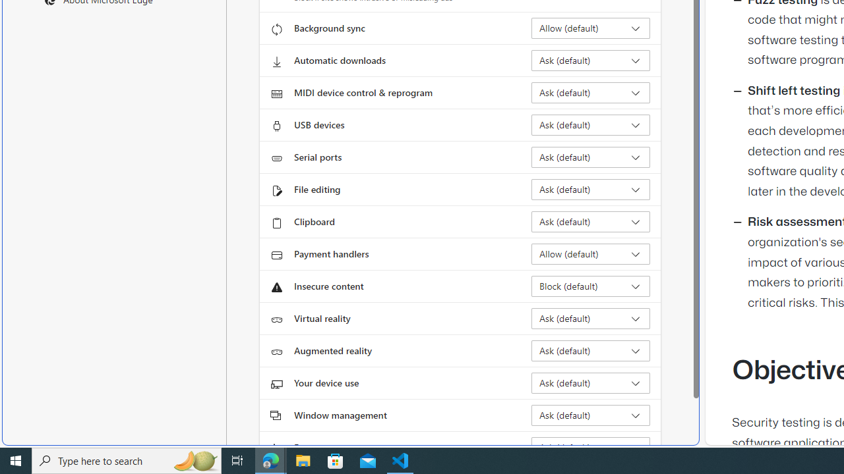 The height and width of the screenshot is (474, 844). Describe the element at coordinates (590, 92) in the screenshot. I see `'MIDI device control & reprogram Ask (default)'` at that location.